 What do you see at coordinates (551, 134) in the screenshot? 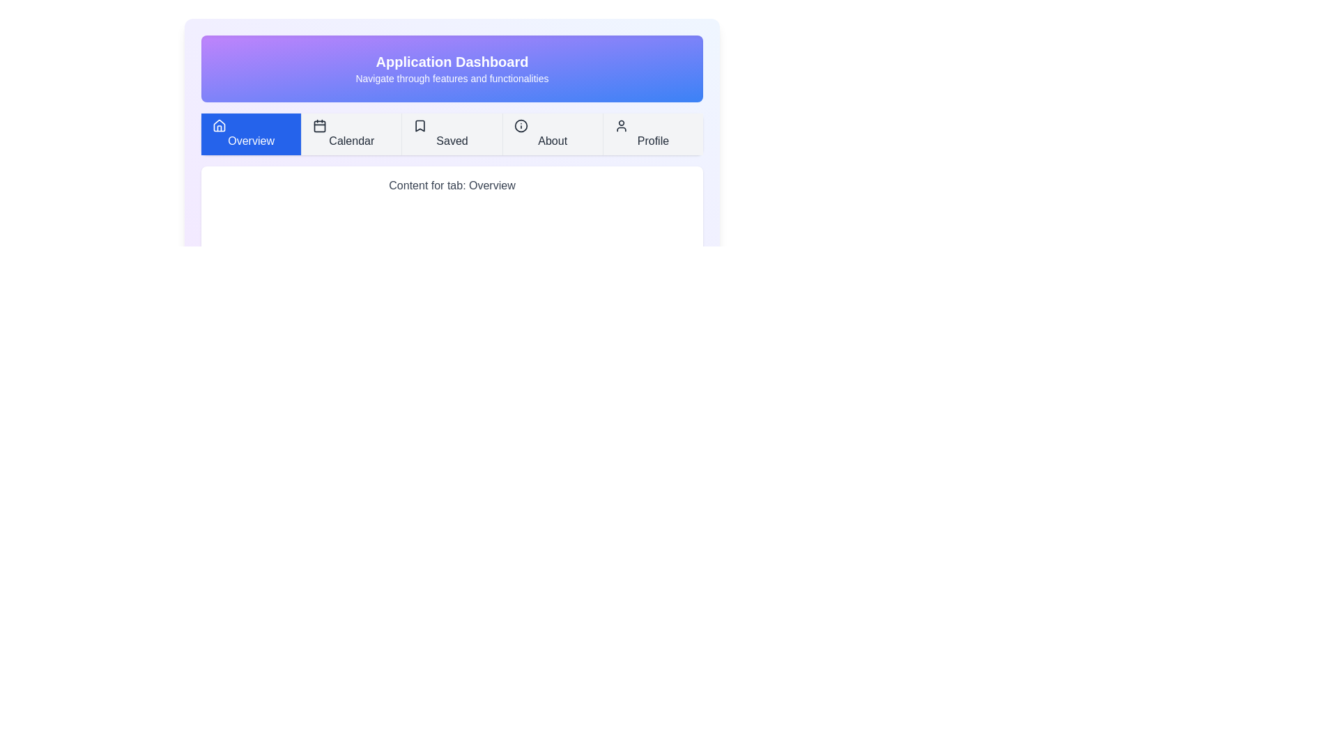
I see `the 'About' tab in the navigation bar` at bounding box center [551, 134].